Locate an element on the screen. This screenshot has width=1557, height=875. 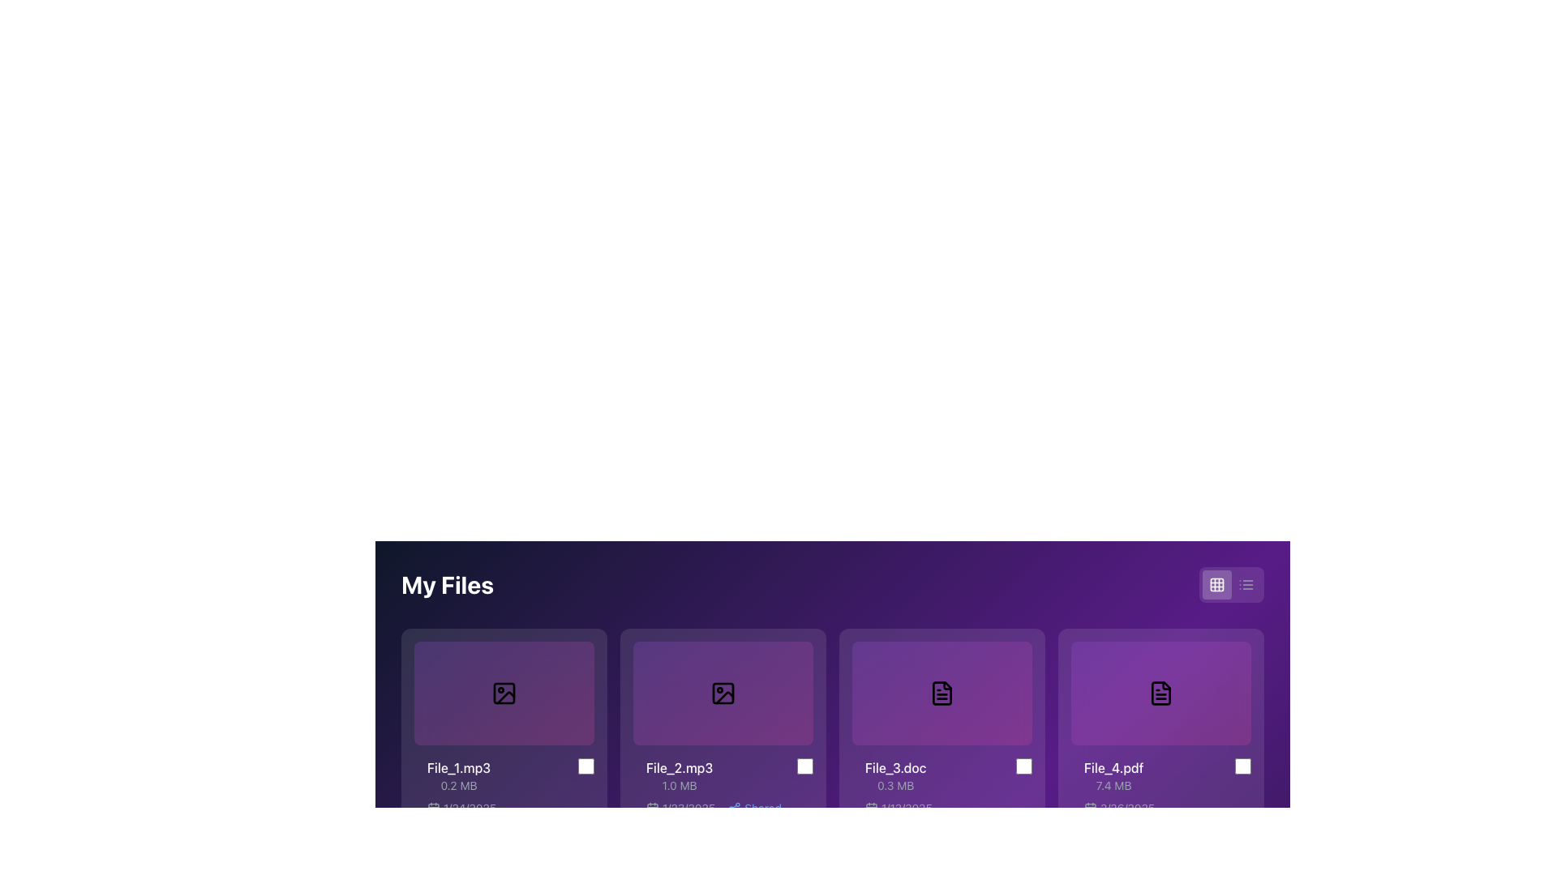
the text display element that shows the date associated with the file, located at the bottom left of the file card, right next to the calendar icon is located at coordinates (461, 809).